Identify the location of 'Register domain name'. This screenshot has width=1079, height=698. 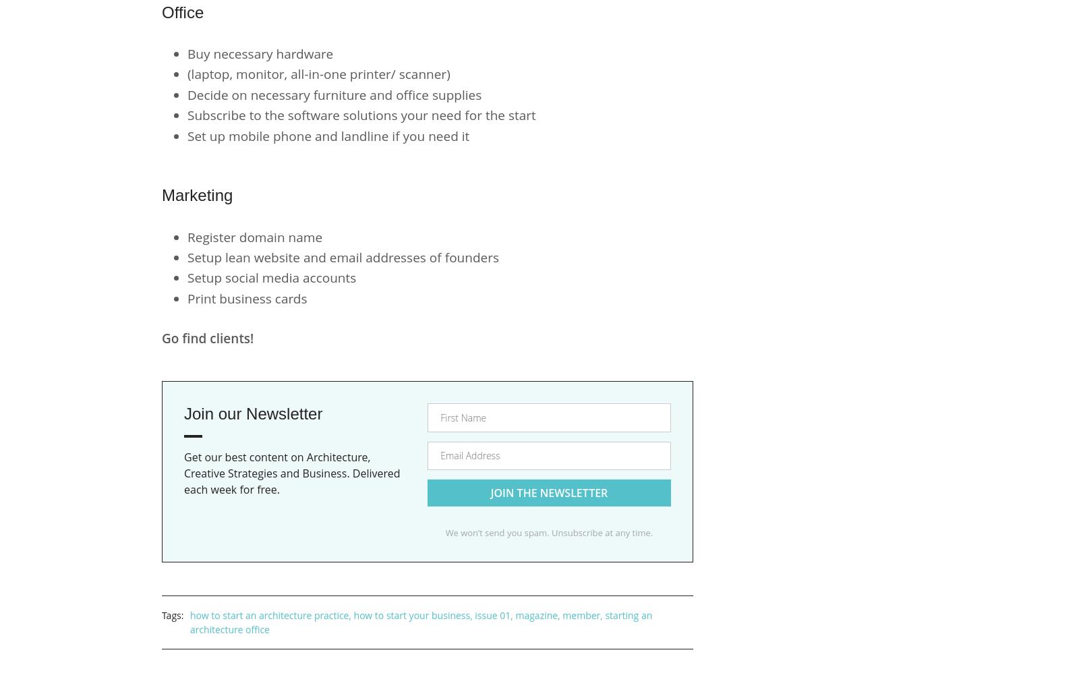
(255, 236).